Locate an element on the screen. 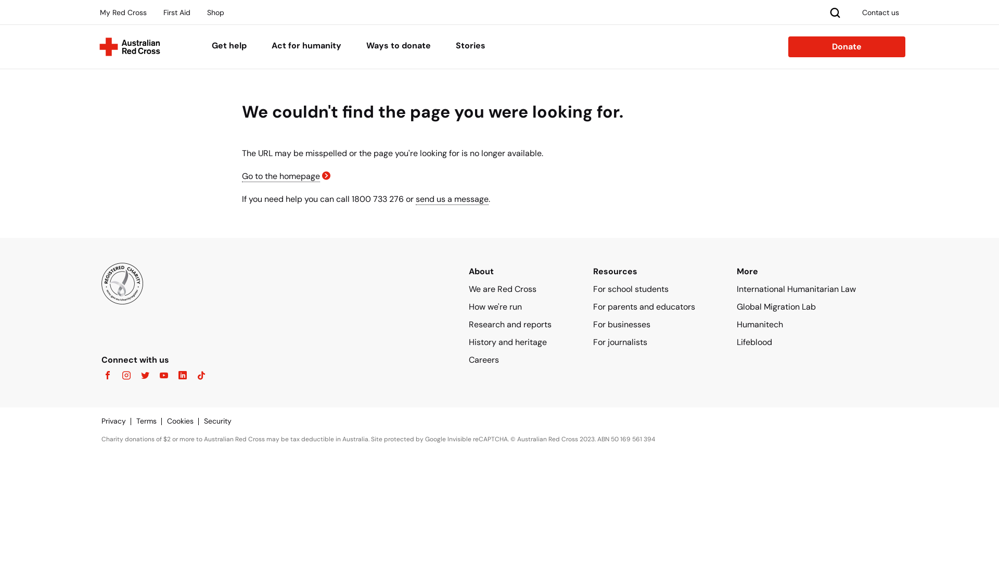  'For journalists' is located at coordinates (620, 342).